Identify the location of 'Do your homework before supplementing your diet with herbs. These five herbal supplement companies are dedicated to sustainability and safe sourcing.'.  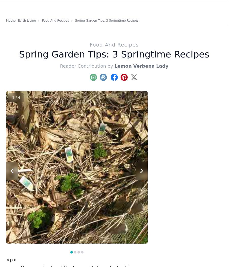
(199, 158).